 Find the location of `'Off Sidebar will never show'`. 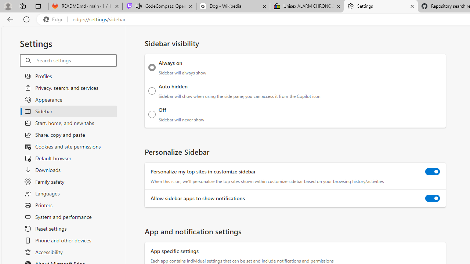

'Off Sidebar will never show' is located at coordinates (152, 114).